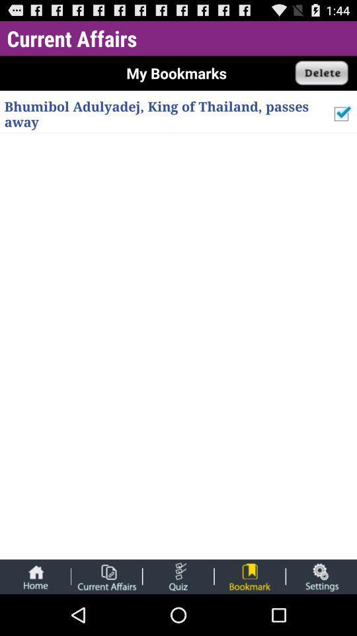 This screenshot has height=636, width=357. Describe the element at coordinates (178, 617) in the screenshot. I see `the more icon` at that location.